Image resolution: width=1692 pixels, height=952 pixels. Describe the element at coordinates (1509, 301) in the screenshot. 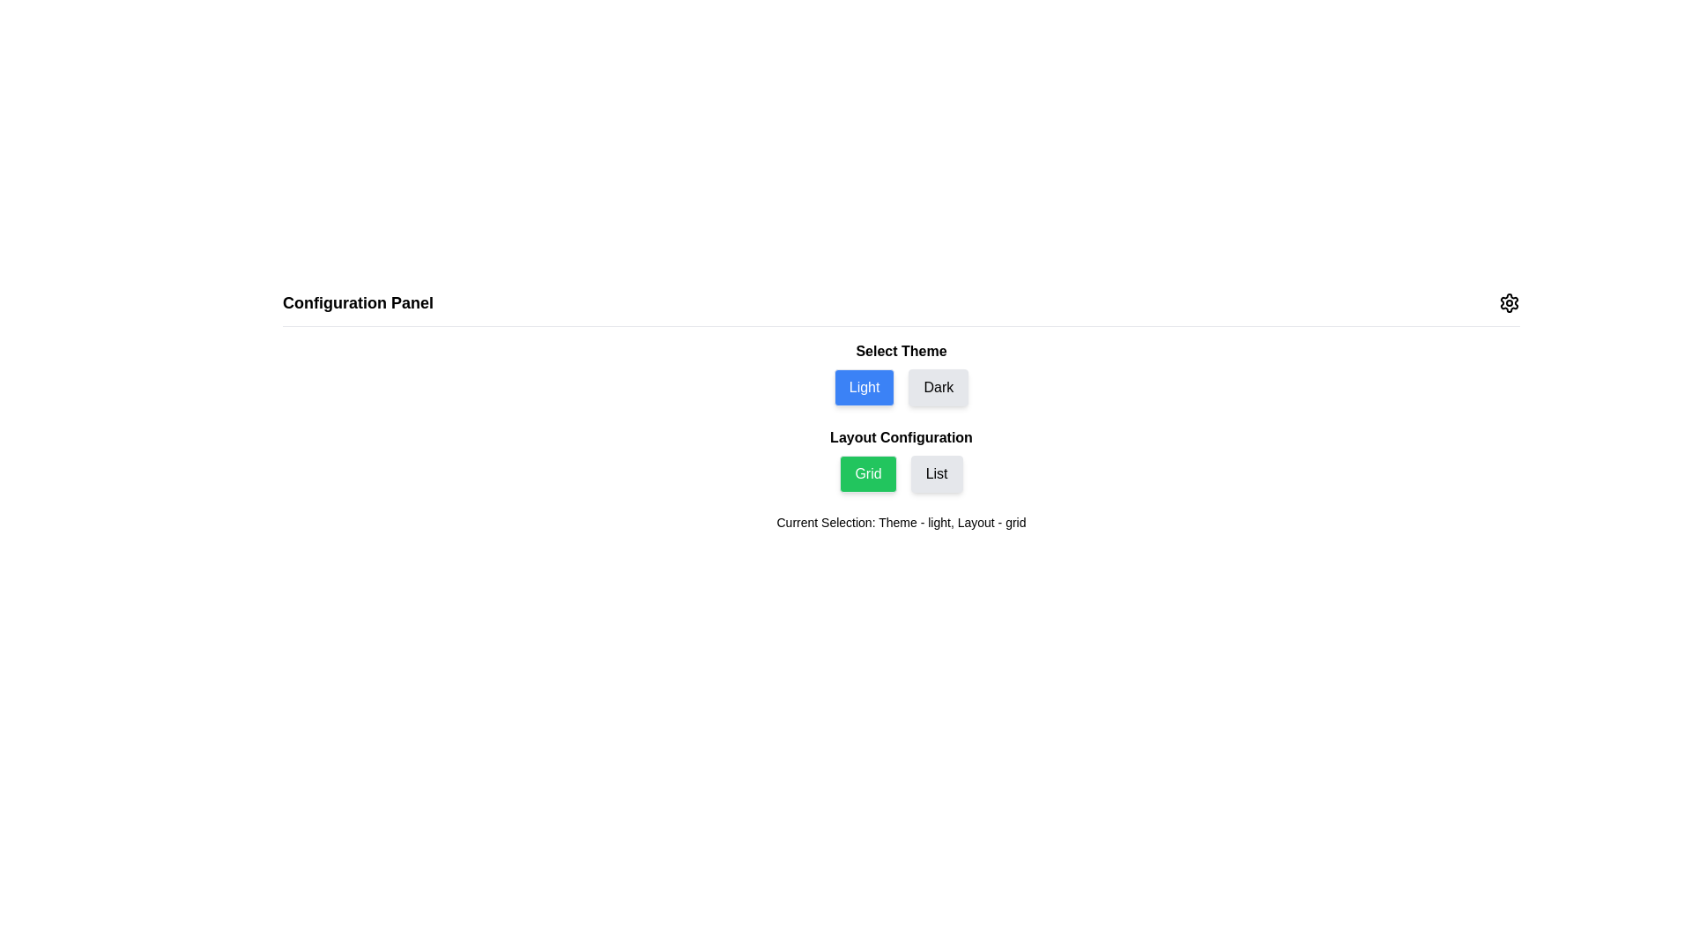

I see `the gear-shaped icon located` at that location.